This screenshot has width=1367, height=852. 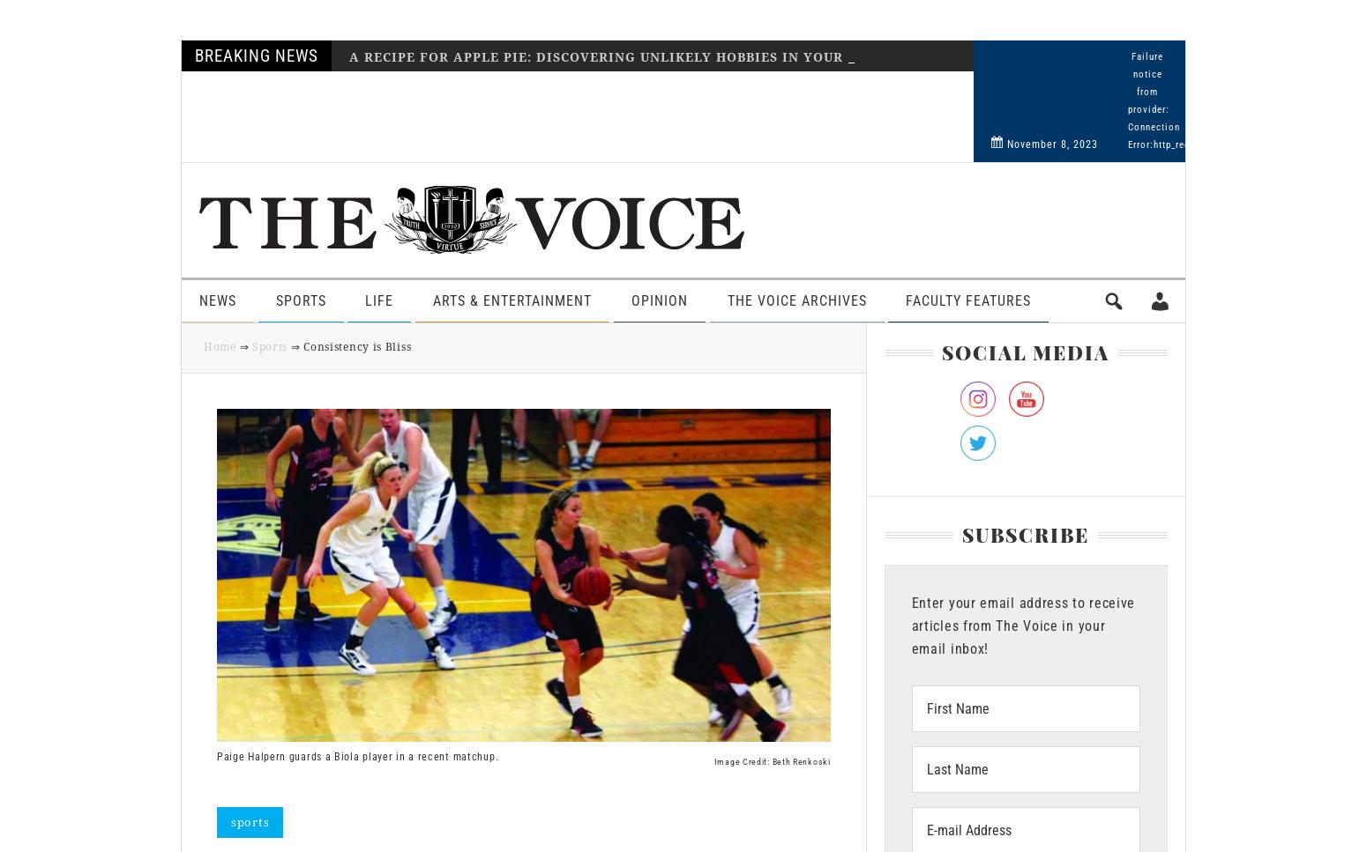 I want to click on 'Life', so click(x=378, y=300).